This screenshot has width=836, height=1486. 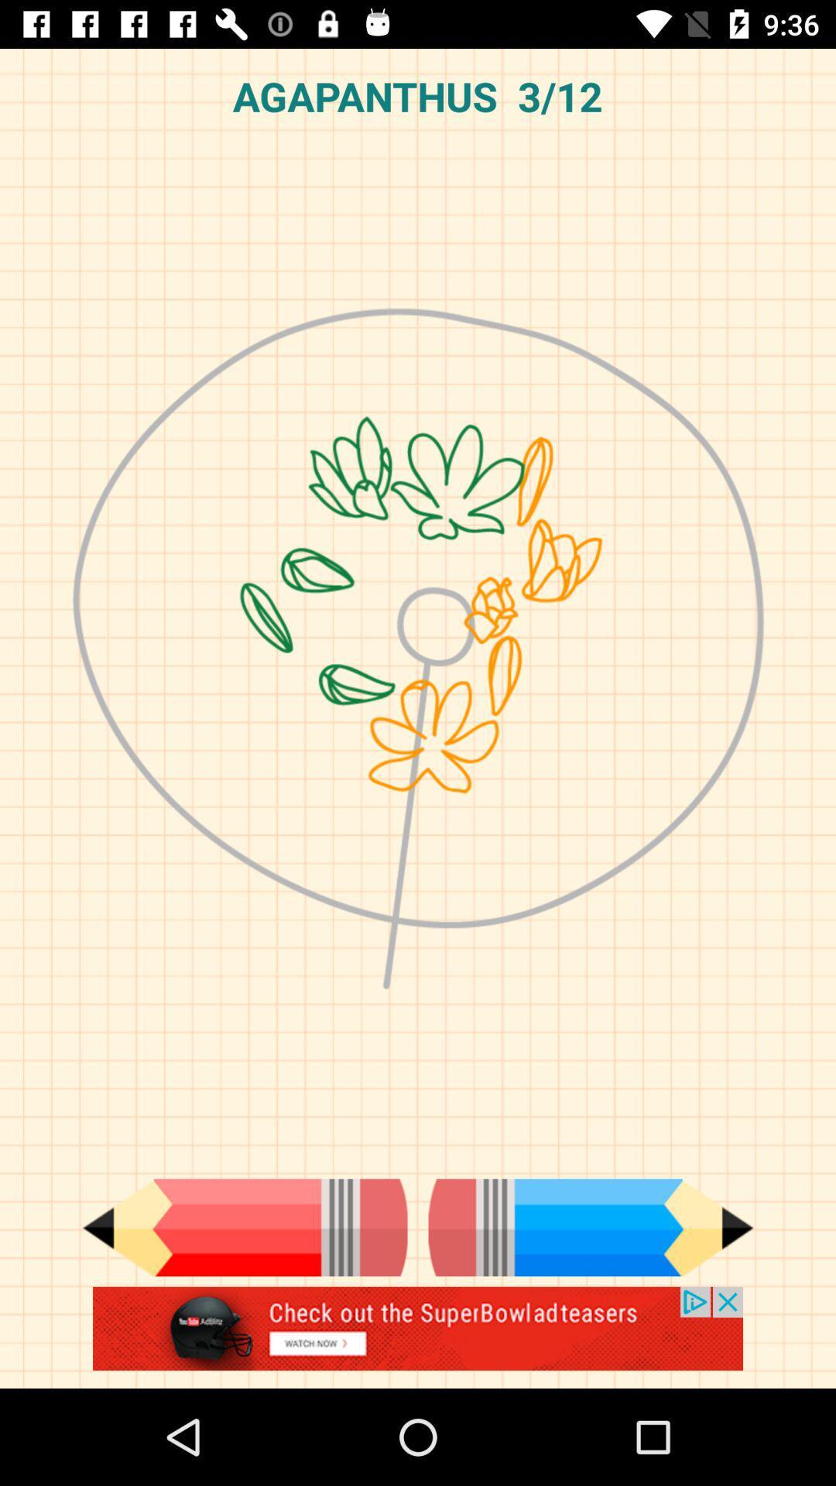 What do you see at coordinates (591, 1227) in the screenshot?
I see `next page button` at bounding box center [591, 1227].